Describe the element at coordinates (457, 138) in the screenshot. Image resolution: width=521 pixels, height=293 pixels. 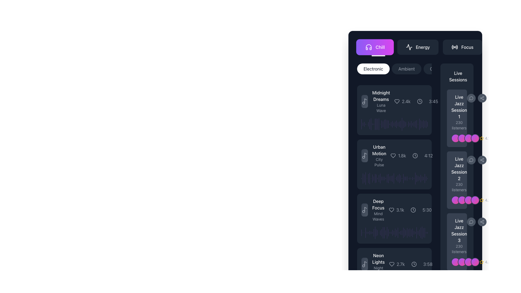
I see `the Avatar representation located in the lower-right section of the card for 'Live Jazz Session 1', which is the second circular item in the sequence` at that location.